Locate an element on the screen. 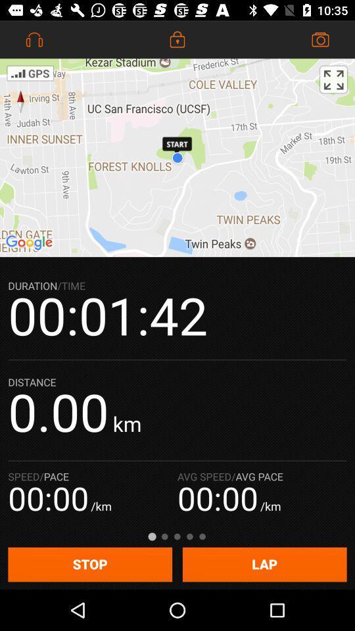 The width and height of the screenshot is (355, 631). the camera icon on the top right of the page is located at coordinates (319, 39).